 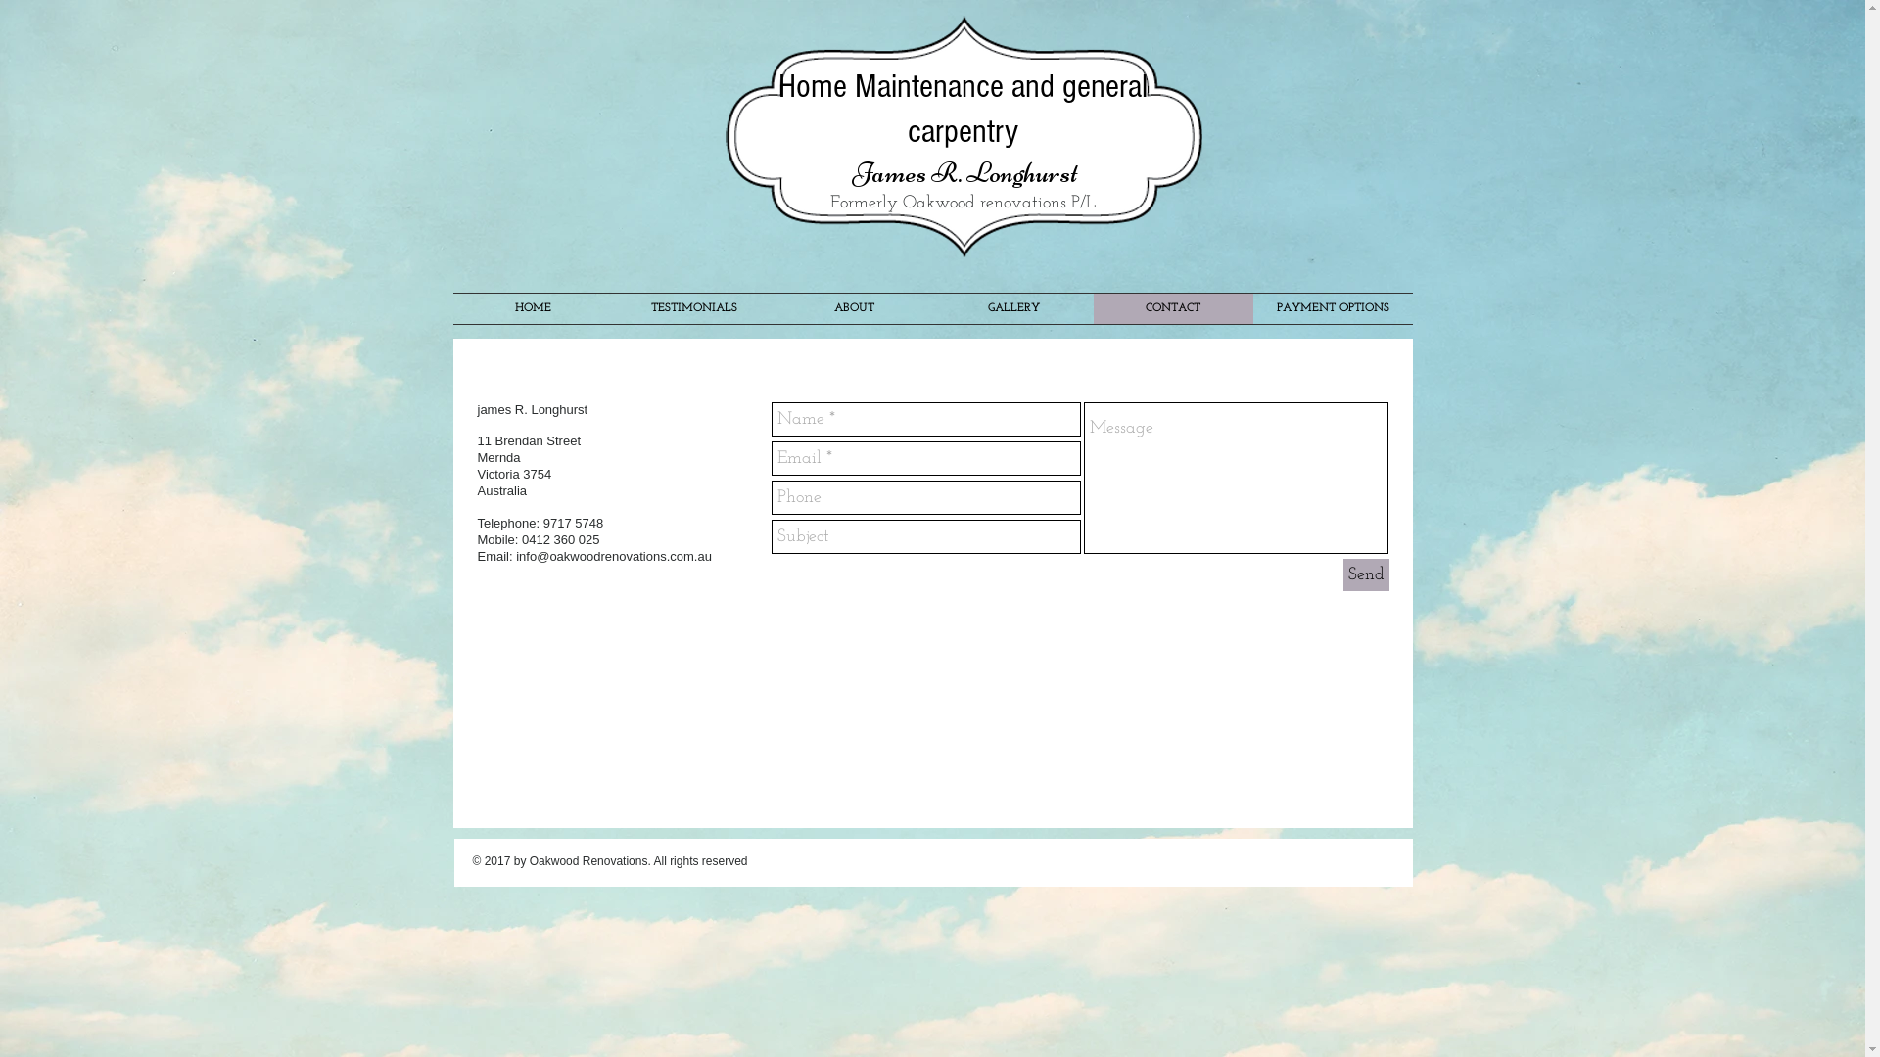 I want to click on 'CONTACT', so click(x=1172, y=308).